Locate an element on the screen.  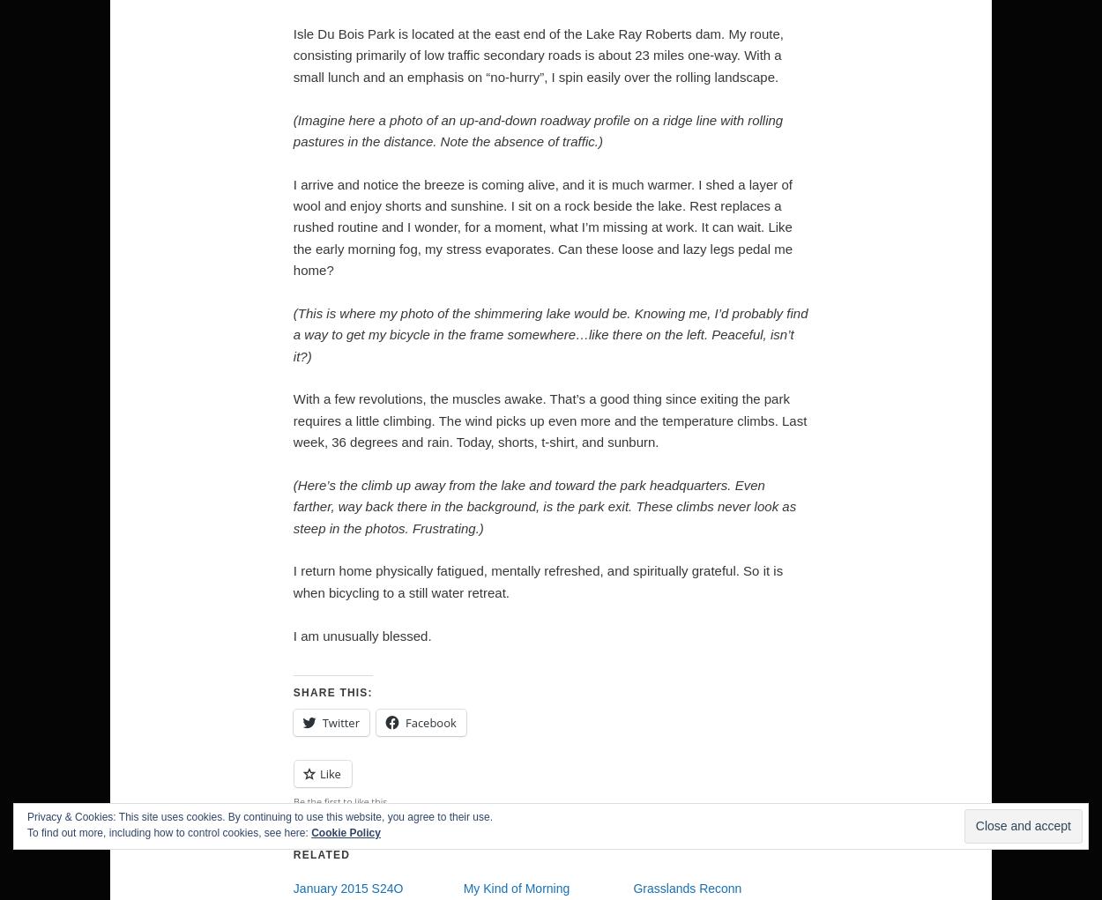
'I arrive and notice the breeze is coming alive, and it is much warmer.  I shed a layer of wool and enjoy shorts and sunshine.  I sit on a rock beside the lake.  Rest replaces a rushed routine and I wonder, for a moment, what I’m missing at work.  It can wait.  Like the early morning fog, my stress evaporates.  Can these loose and lazy legs pedal me home?' is located at coordinates (541, 226).